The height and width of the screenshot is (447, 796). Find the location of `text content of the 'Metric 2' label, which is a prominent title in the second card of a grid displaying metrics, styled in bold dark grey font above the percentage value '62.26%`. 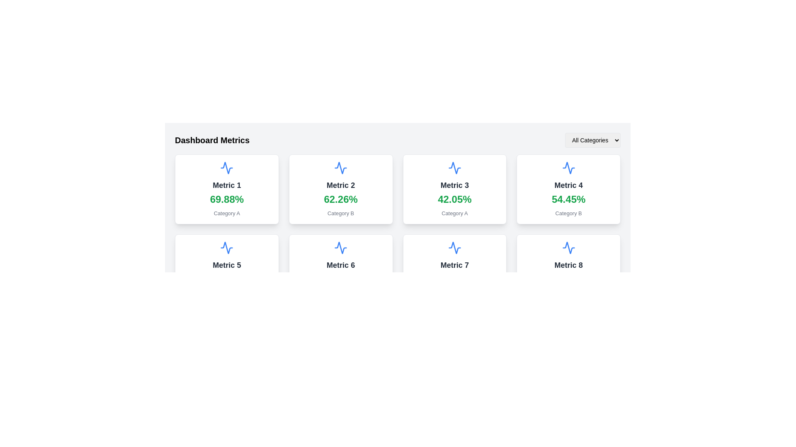

text content of the 'Metric 2' label, which is a prominent title in the second card of a grid displaying metrics, styled in bold dark grey font above the percentage value '62.26% is located at coordinates (341, 185).